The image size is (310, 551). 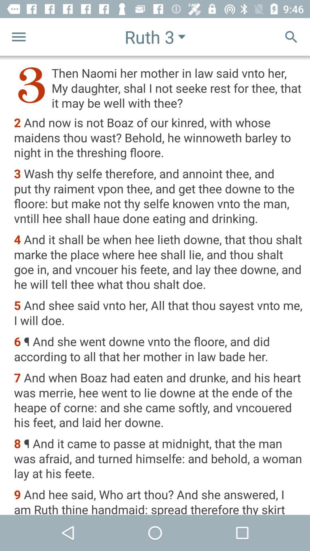 I want to click on the menu icon, so click(x=18, y=36).